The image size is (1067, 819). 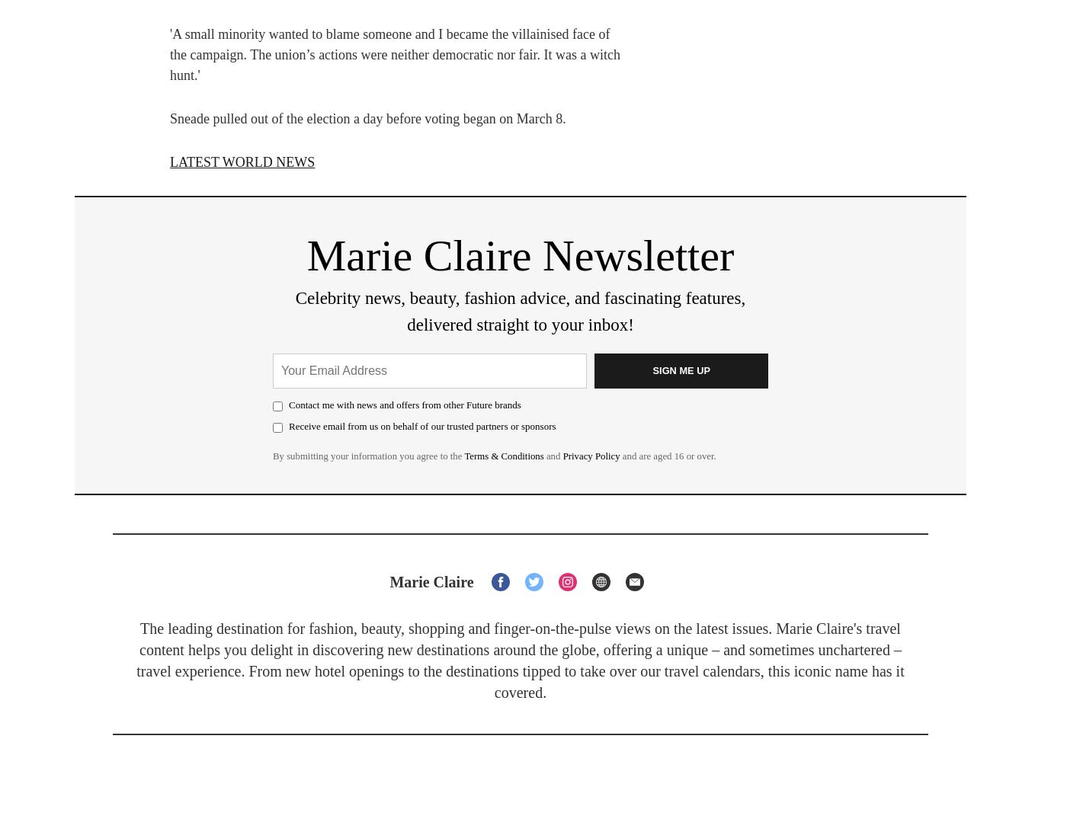 I want to click on 'and', so click(x=553, y=455).